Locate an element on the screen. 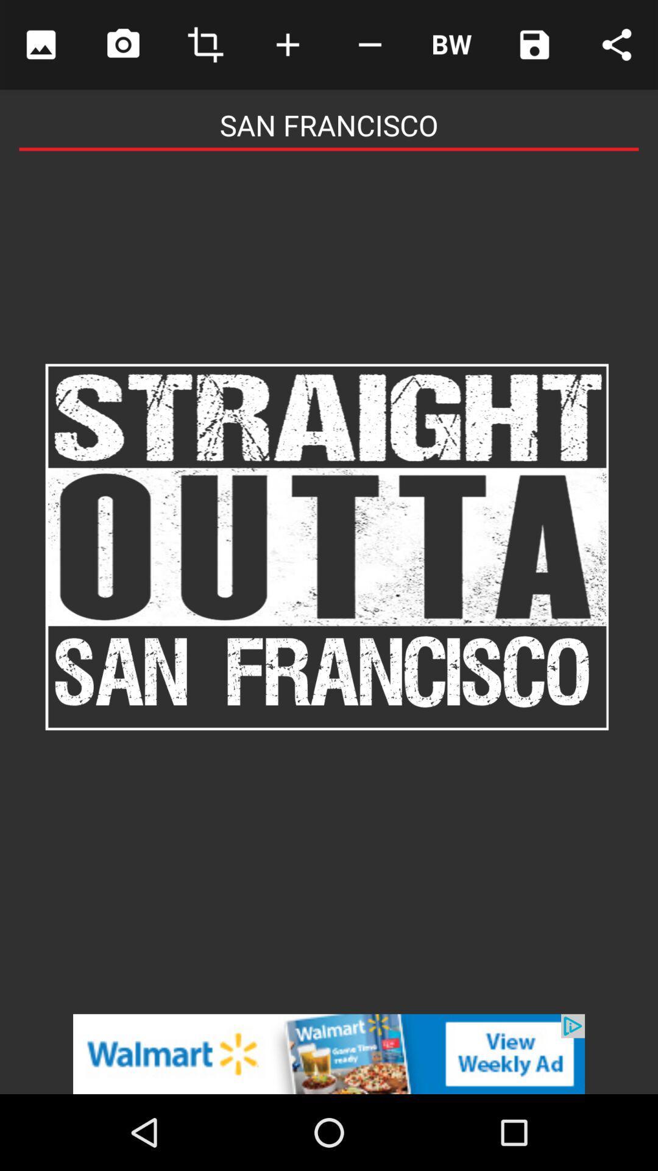  the share icon is located at coordinates (617, 45).